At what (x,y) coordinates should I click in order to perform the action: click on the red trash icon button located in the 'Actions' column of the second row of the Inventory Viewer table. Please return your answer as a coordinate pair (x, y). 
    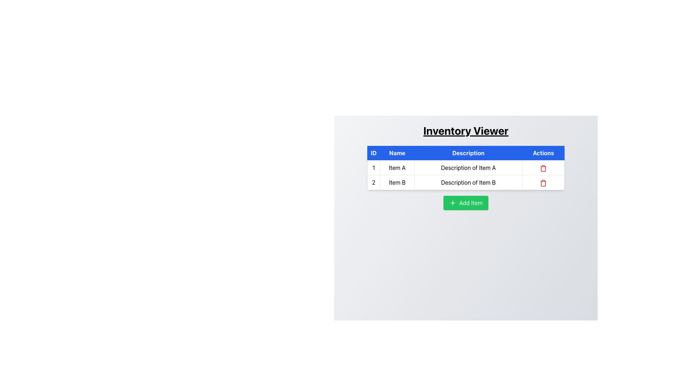
    Looking at the image, I should click on (543, 167).